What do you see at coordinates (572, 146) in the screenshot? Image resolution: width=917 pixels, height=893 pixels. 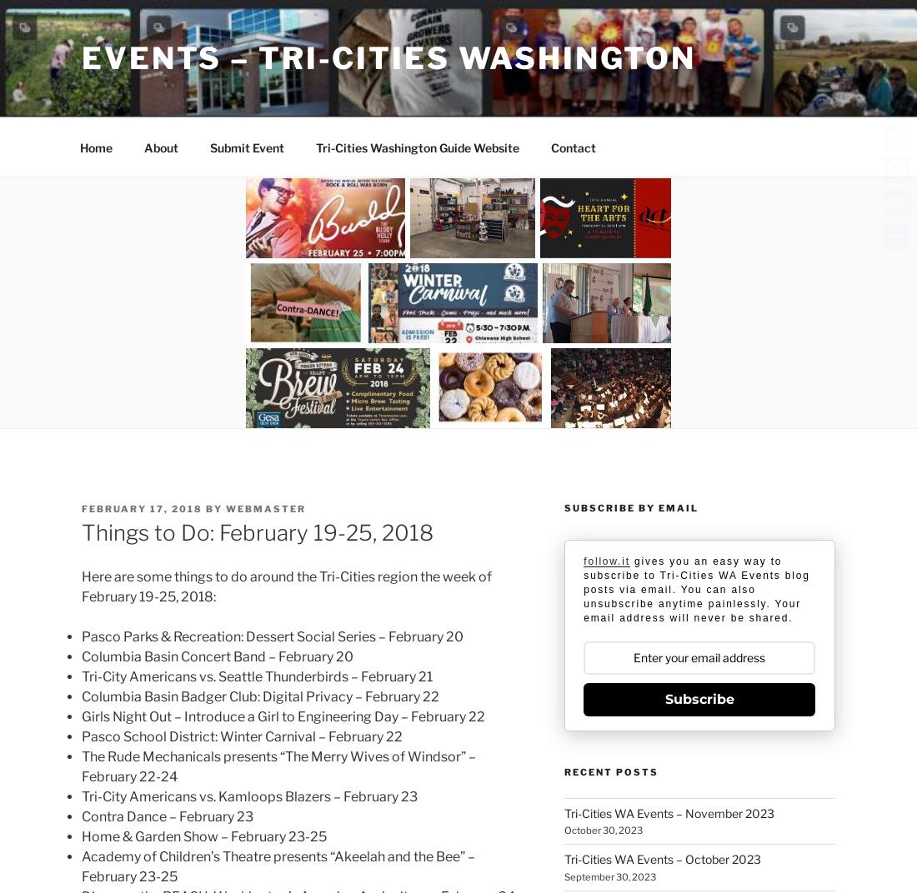 I see `'Contact'` at bounding box center [572, 146].